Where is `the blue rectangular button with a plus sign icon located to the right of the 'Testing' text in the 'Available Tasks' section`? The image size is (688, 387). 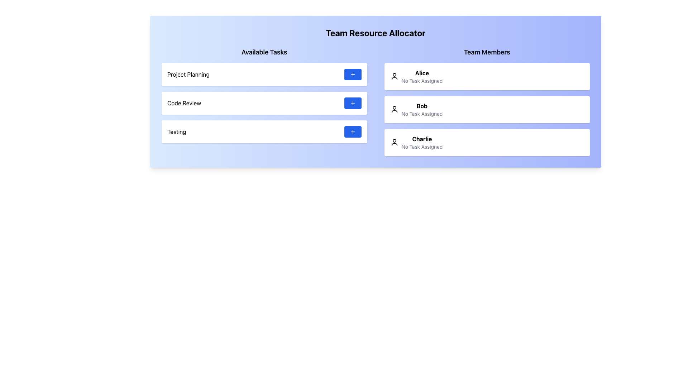 the blue rectangular button with a plus sign icon located to the right of the 'Testing' text in the 'Available Tasks' section is located at coordinates (353, 132).